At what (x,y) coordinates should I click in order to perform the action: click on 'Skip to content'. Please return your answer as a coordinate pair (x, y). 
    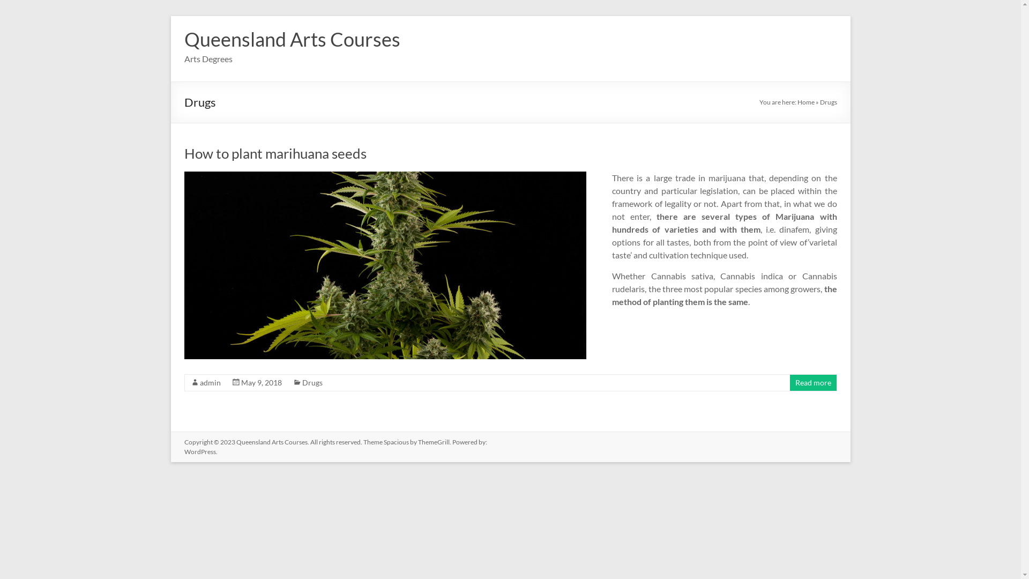
    Looking at the image, I should click on (170, 16).